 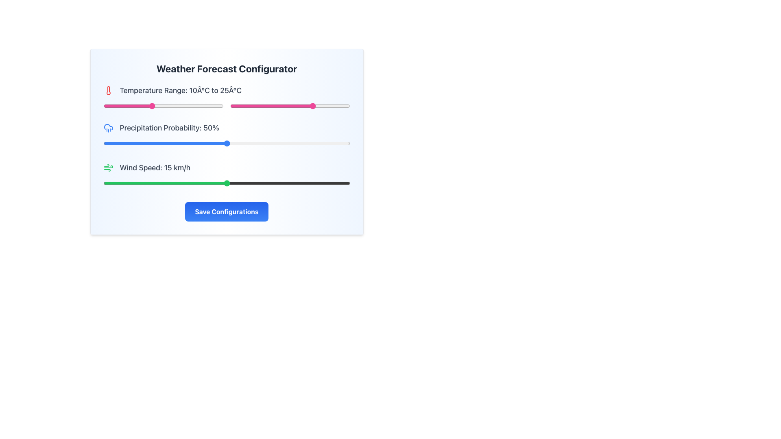 I want to click on the thermometer icon that visually represents the temperature-related aspect next to the 'Temperature Range: 10°C to 25°C' text, so click(x=108, y=91).